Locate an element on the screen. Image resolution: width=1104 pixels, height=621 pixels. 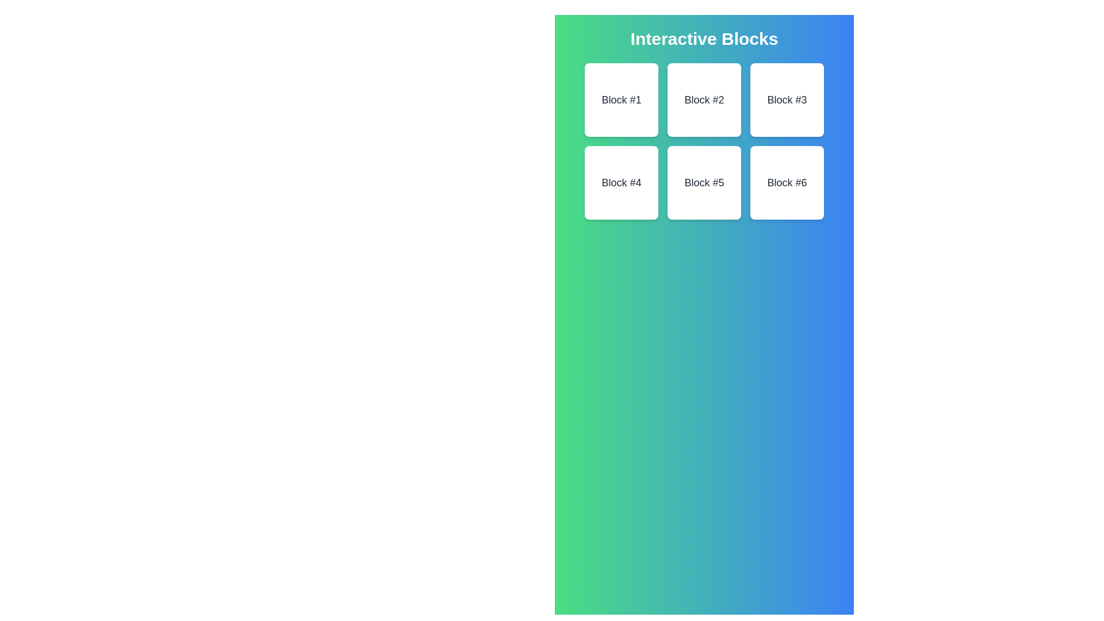
text content of the 'Block #4' label, which is a medium-sized gray text located in the second row, first column of a grid layout is located at coordinates (620, 182).